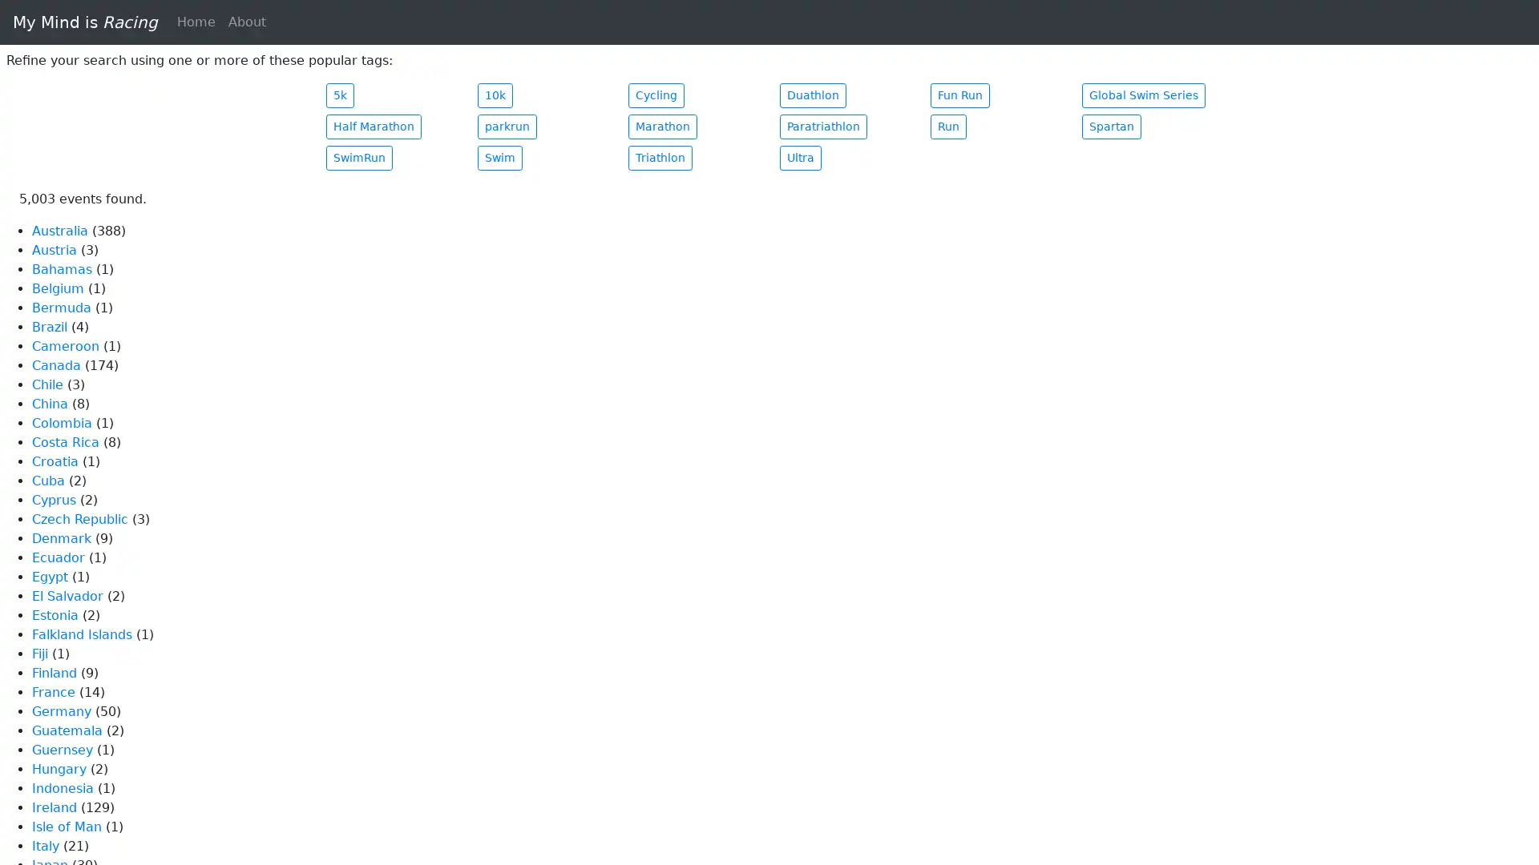  What do you see at coordinates (812, 95) in the screenshot?
I see `Duathlon` at bounding box center [812, 95].